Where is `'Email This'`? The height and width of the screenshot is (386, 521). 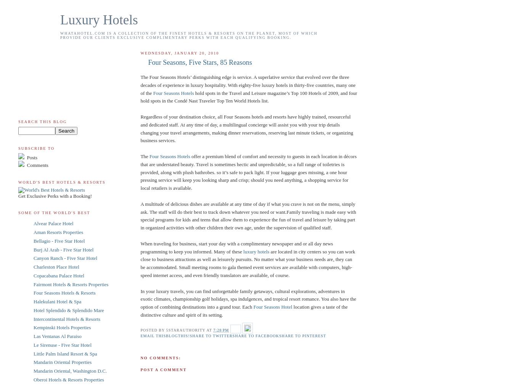
'Email This' is located at coordinates (153, 335).